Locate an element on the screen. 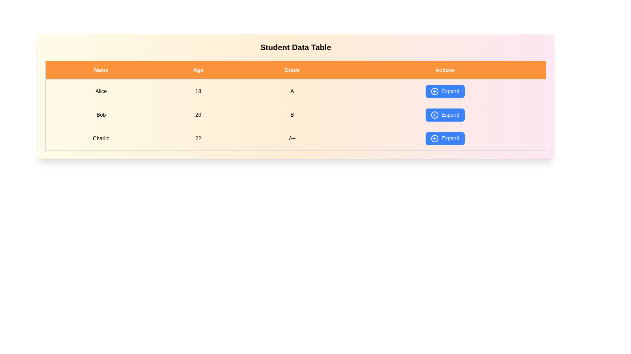  the button located is located at coordinates (445, 91).